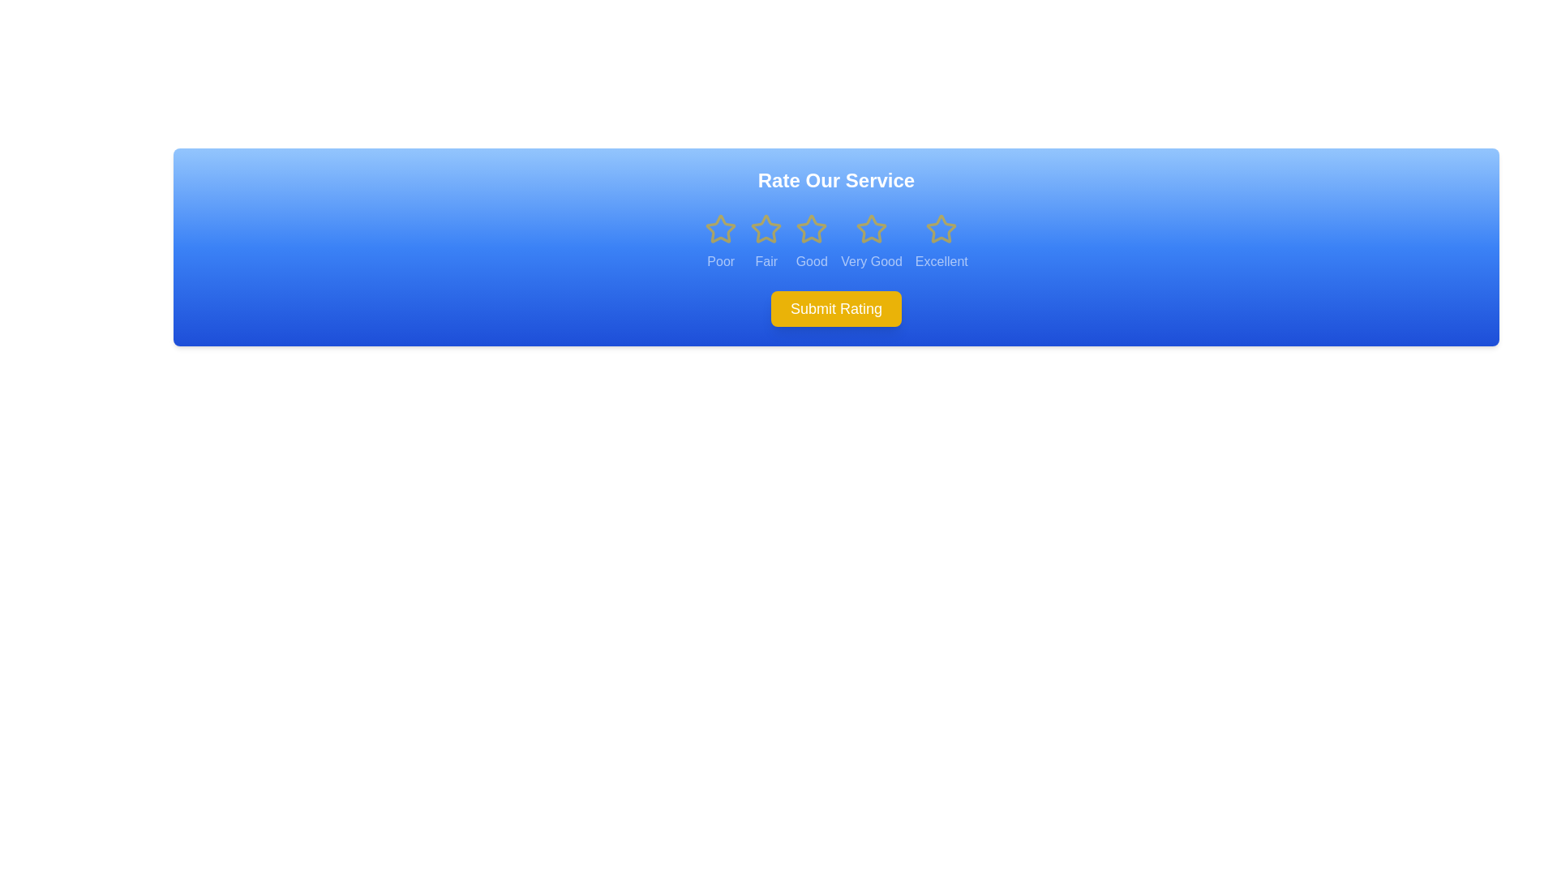  I want to click on the 'Very Good' rating option in the Rating Selector, so click(871, 243).